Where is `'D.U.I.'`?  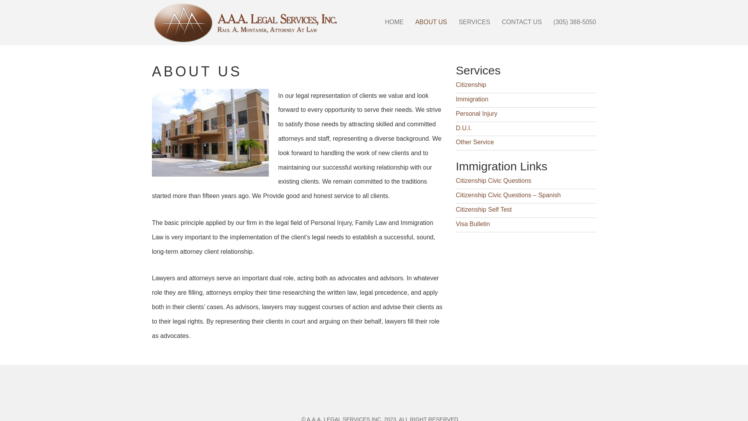 'D.U.I.' is located at coordinates (456, 127).